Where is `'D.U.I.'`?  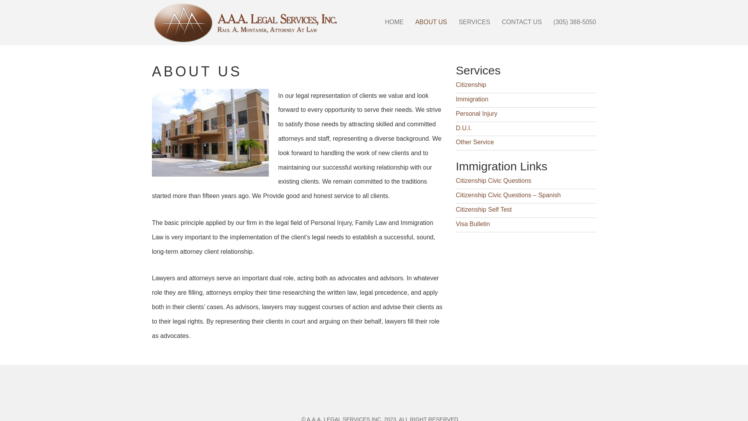 'D.U.I.' is located at coordinates (456, 127).